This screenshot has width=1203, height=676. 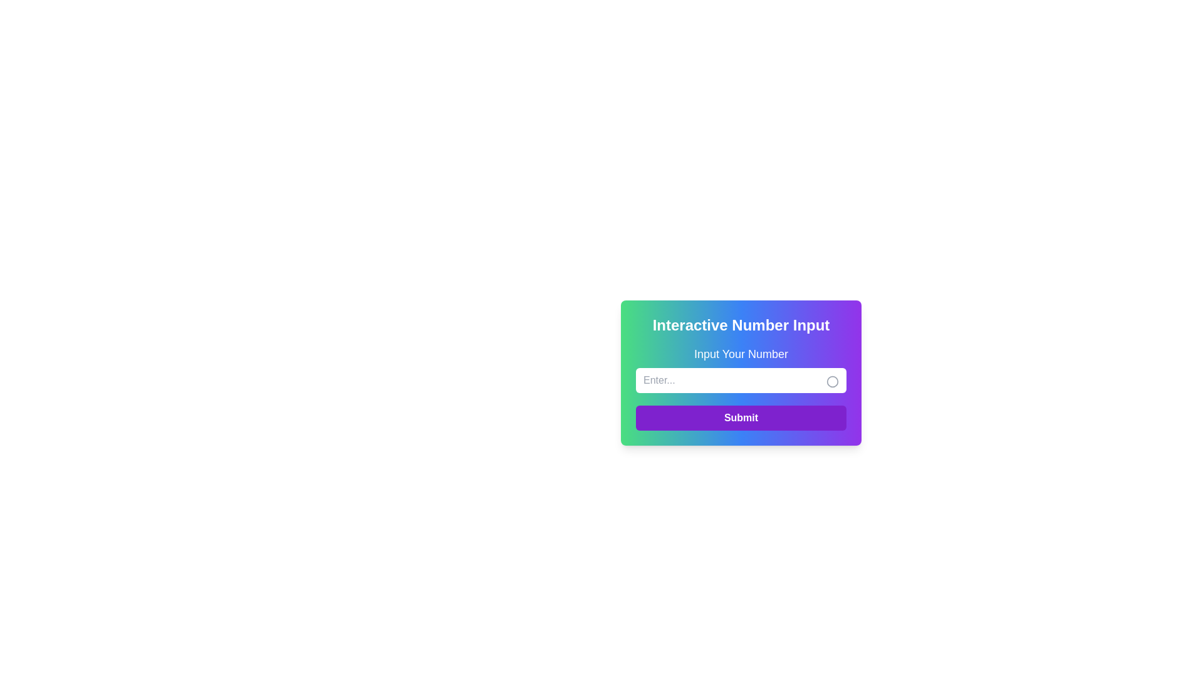 What do you see at coordinates (741, 325) in the screenshot?
I see `the static text displaying 'Interactive Number Input', which is styled in white, bold, and a large font size, centered within a vibrant gradient background from green to purple` at bounding box center [741, 325].